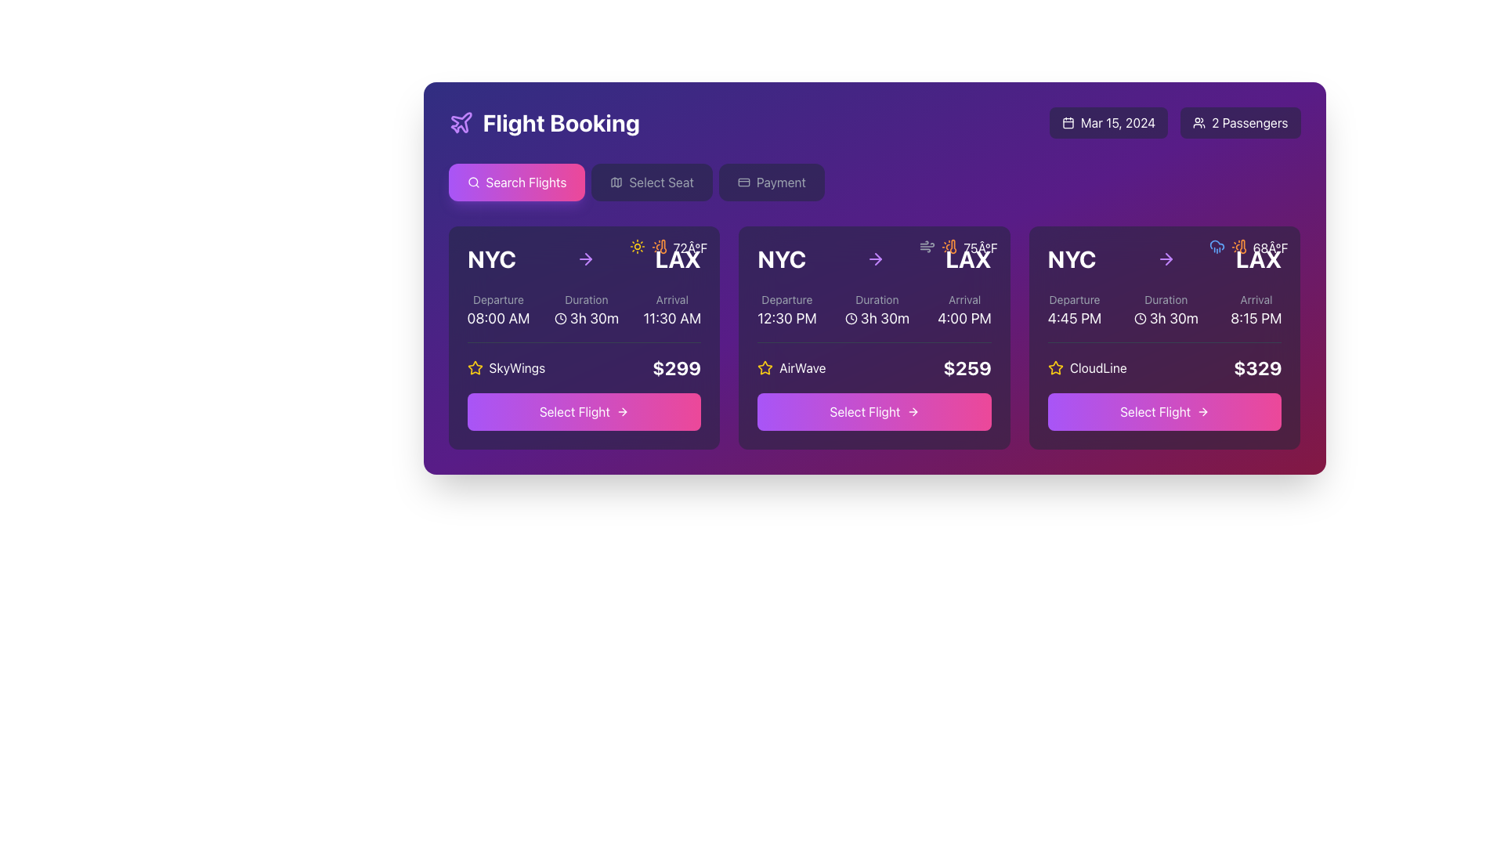  Describe the element at coordinates (1166, 318) in the screenshot. I see `the text label displaying '3h 30m' with a clock icon in the 'Duration' section of the third flight card` at that location.